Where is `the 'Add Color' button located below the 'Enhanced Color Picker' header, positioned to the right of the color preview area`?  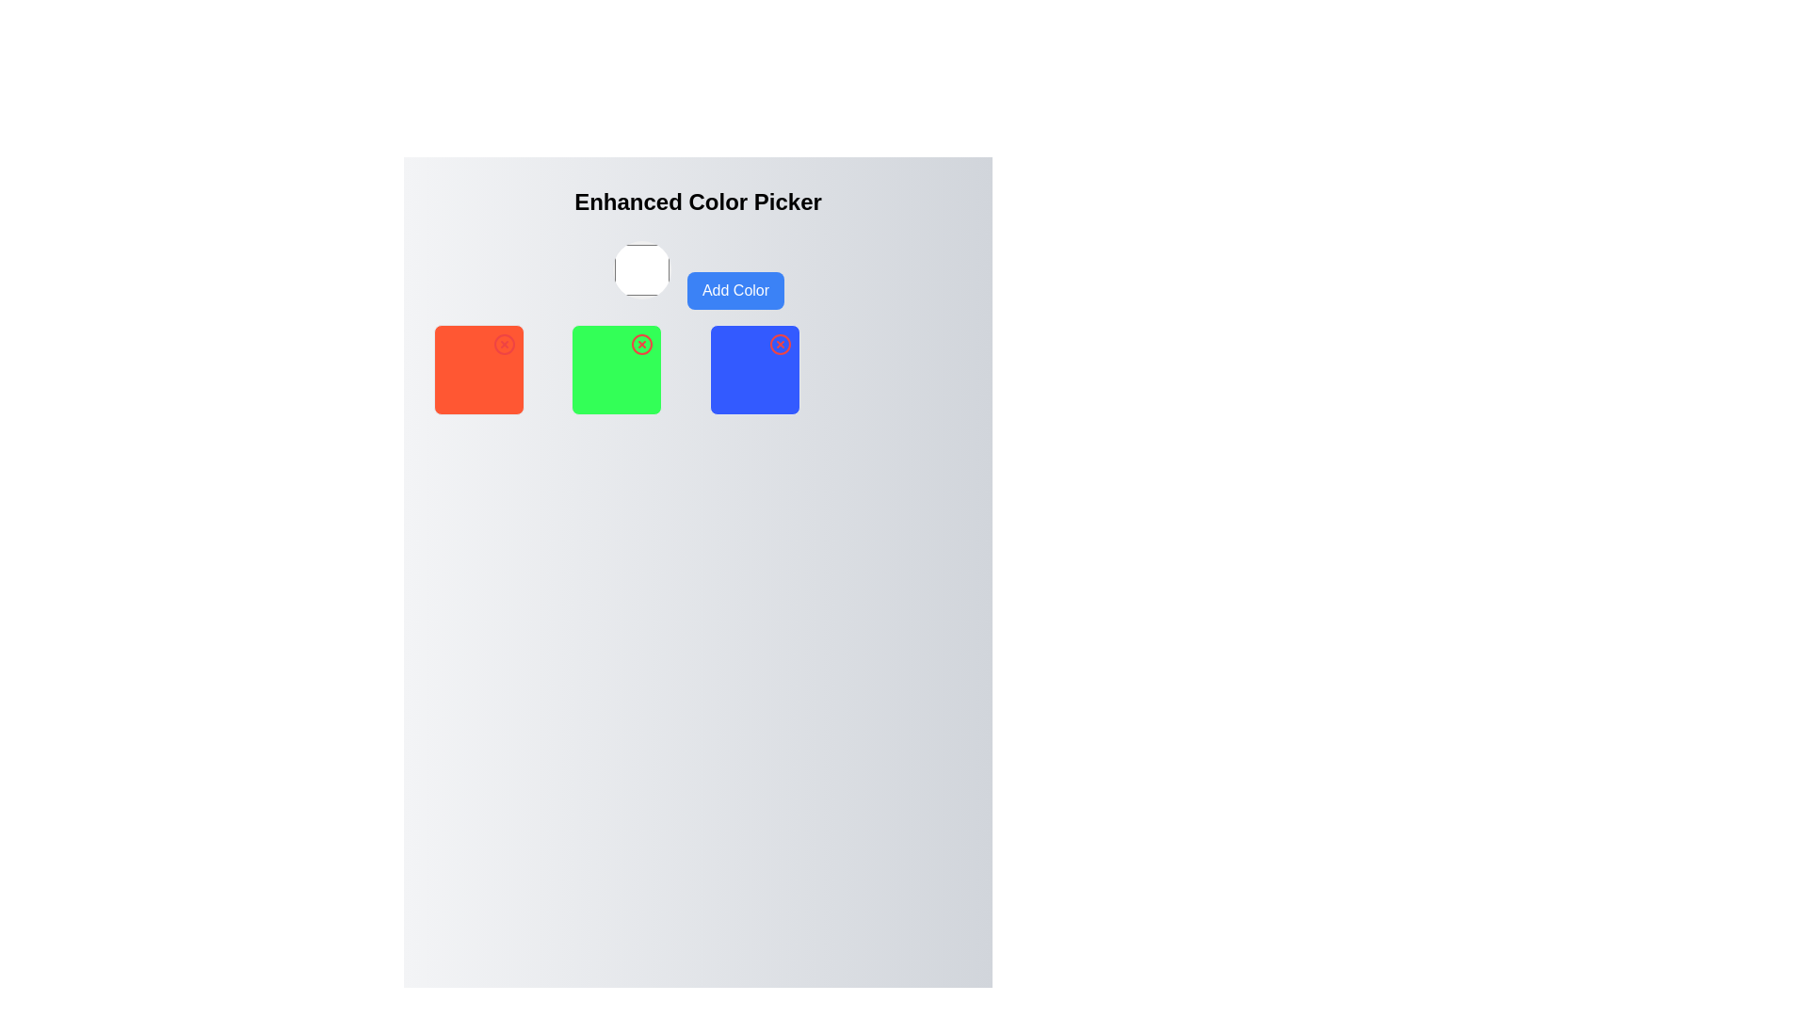
the 'Add Color' button located below the 'Enhanced Color Picker' header, positioned to the right of the color preview area is located at coordinates (697, 275).